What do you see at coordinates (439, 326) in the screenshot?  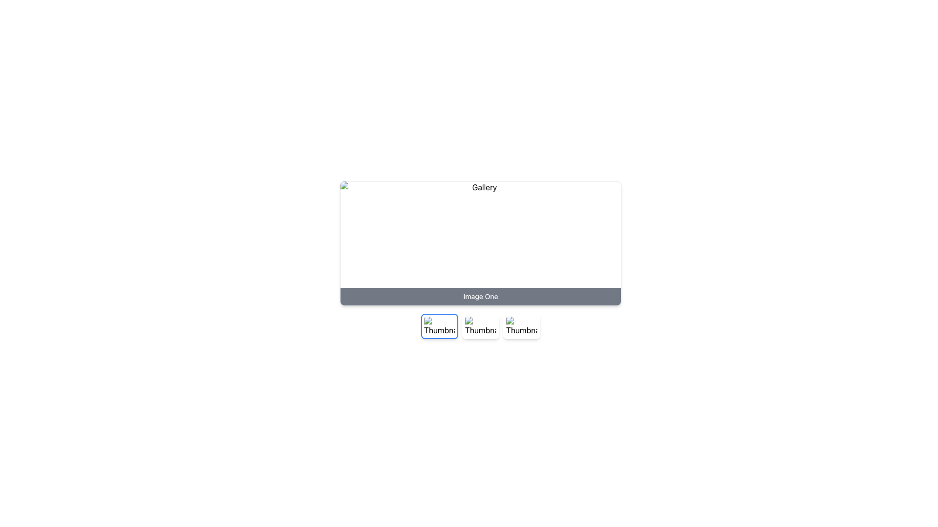 I see `the first Image Thumbnail with a blue border and a smaller image displaying 'Image 1'` at bounding box center [439, 326].